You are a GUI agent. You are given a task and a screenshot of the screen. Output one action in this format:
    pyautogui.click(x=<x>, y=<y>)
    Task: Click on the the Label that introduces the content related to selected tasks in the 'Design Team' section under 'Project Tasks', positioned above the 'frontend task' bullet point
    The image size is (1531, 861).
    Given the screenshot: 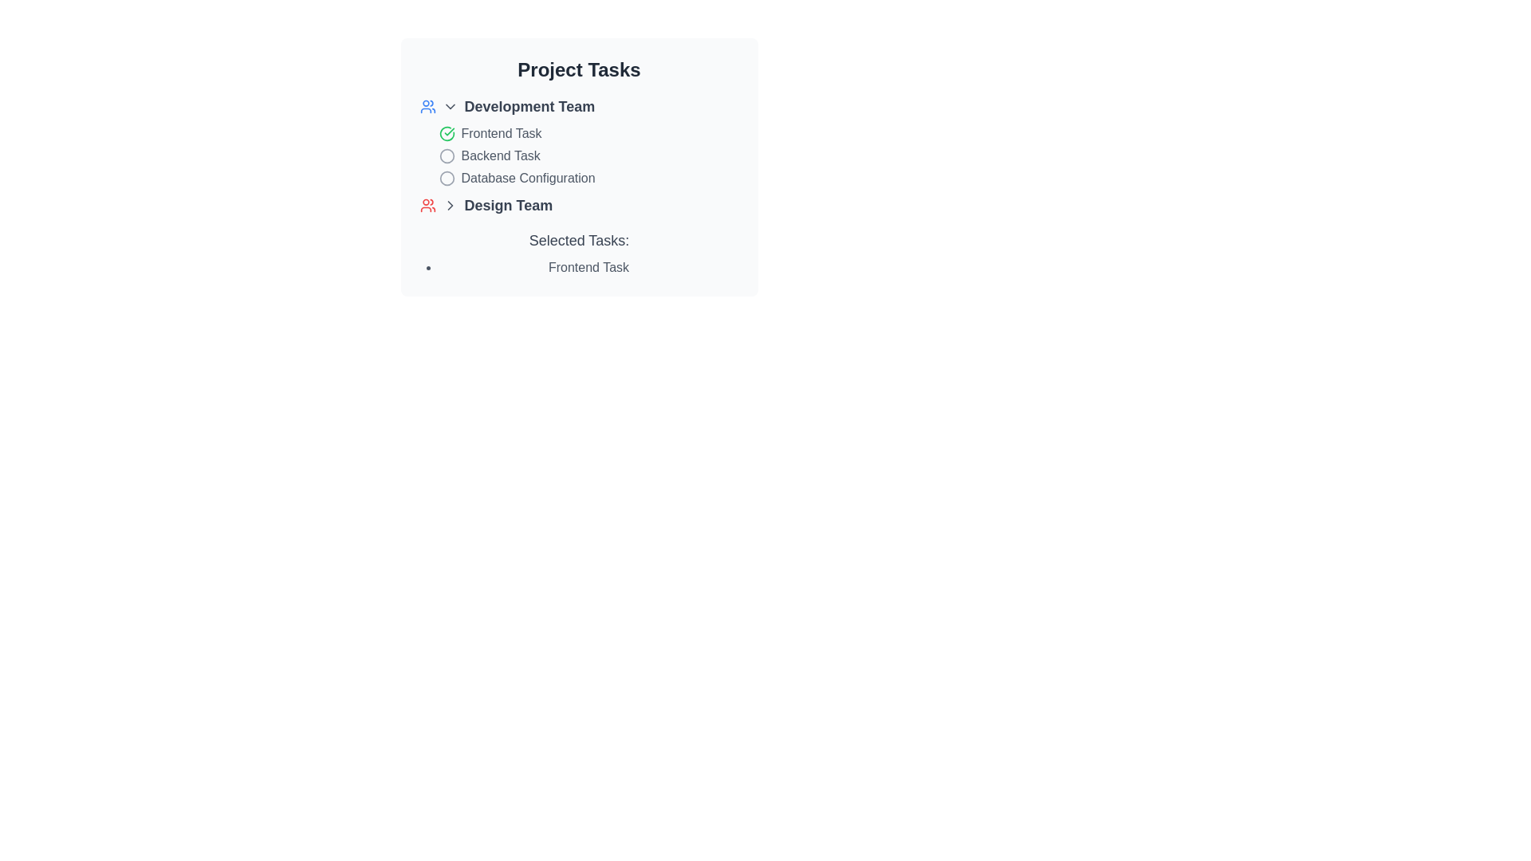 What is the action you would take?
    pyautogui.click(x=578, y=240)
    